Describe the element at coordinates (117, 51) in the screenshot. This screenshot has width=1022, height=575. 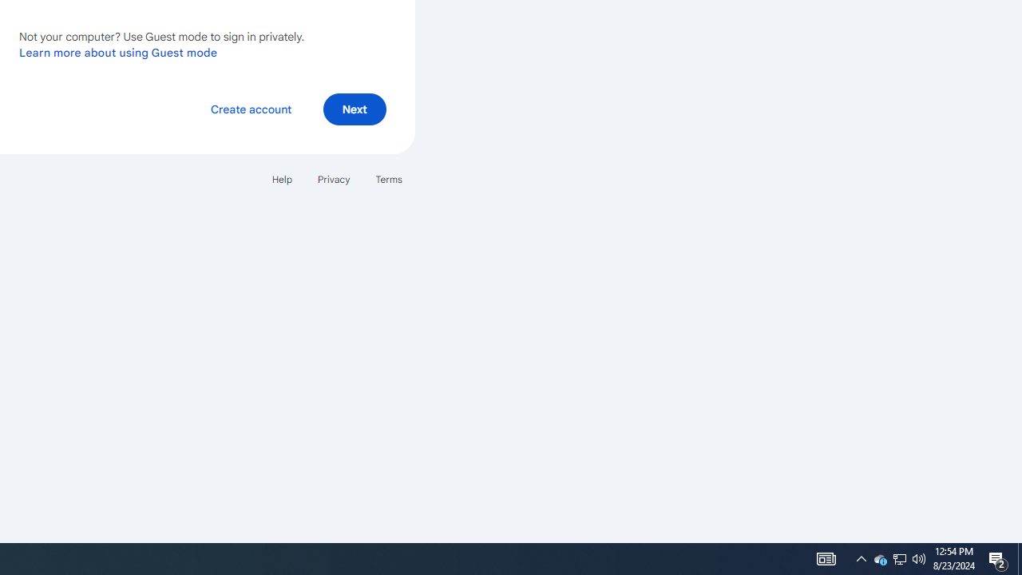
I see `'Learn more about using Guest mode'` at that location.